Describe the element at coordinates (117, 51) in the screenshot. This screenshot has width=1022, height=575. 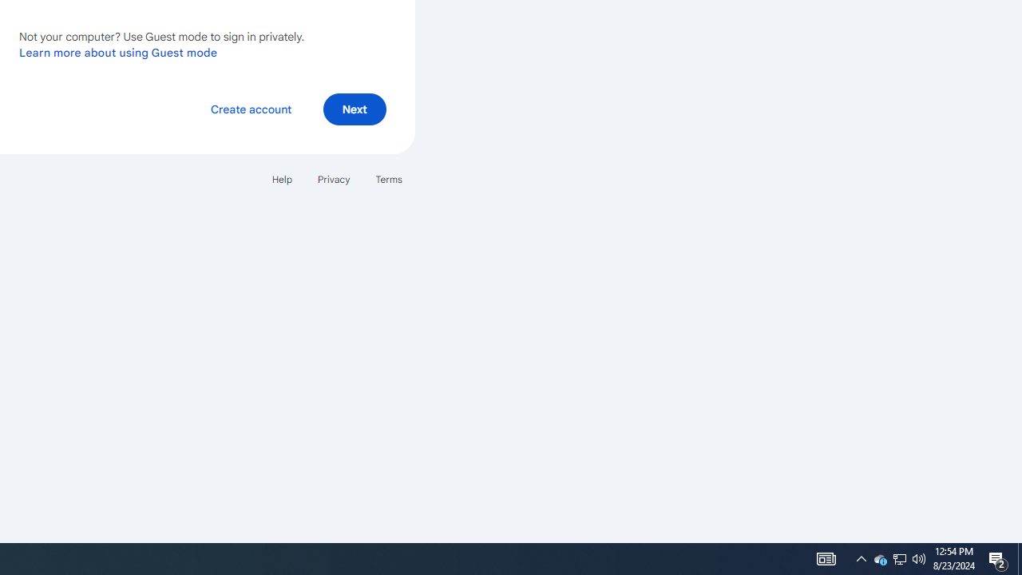
I see `'Learn more about using Guest mode'` at that location.